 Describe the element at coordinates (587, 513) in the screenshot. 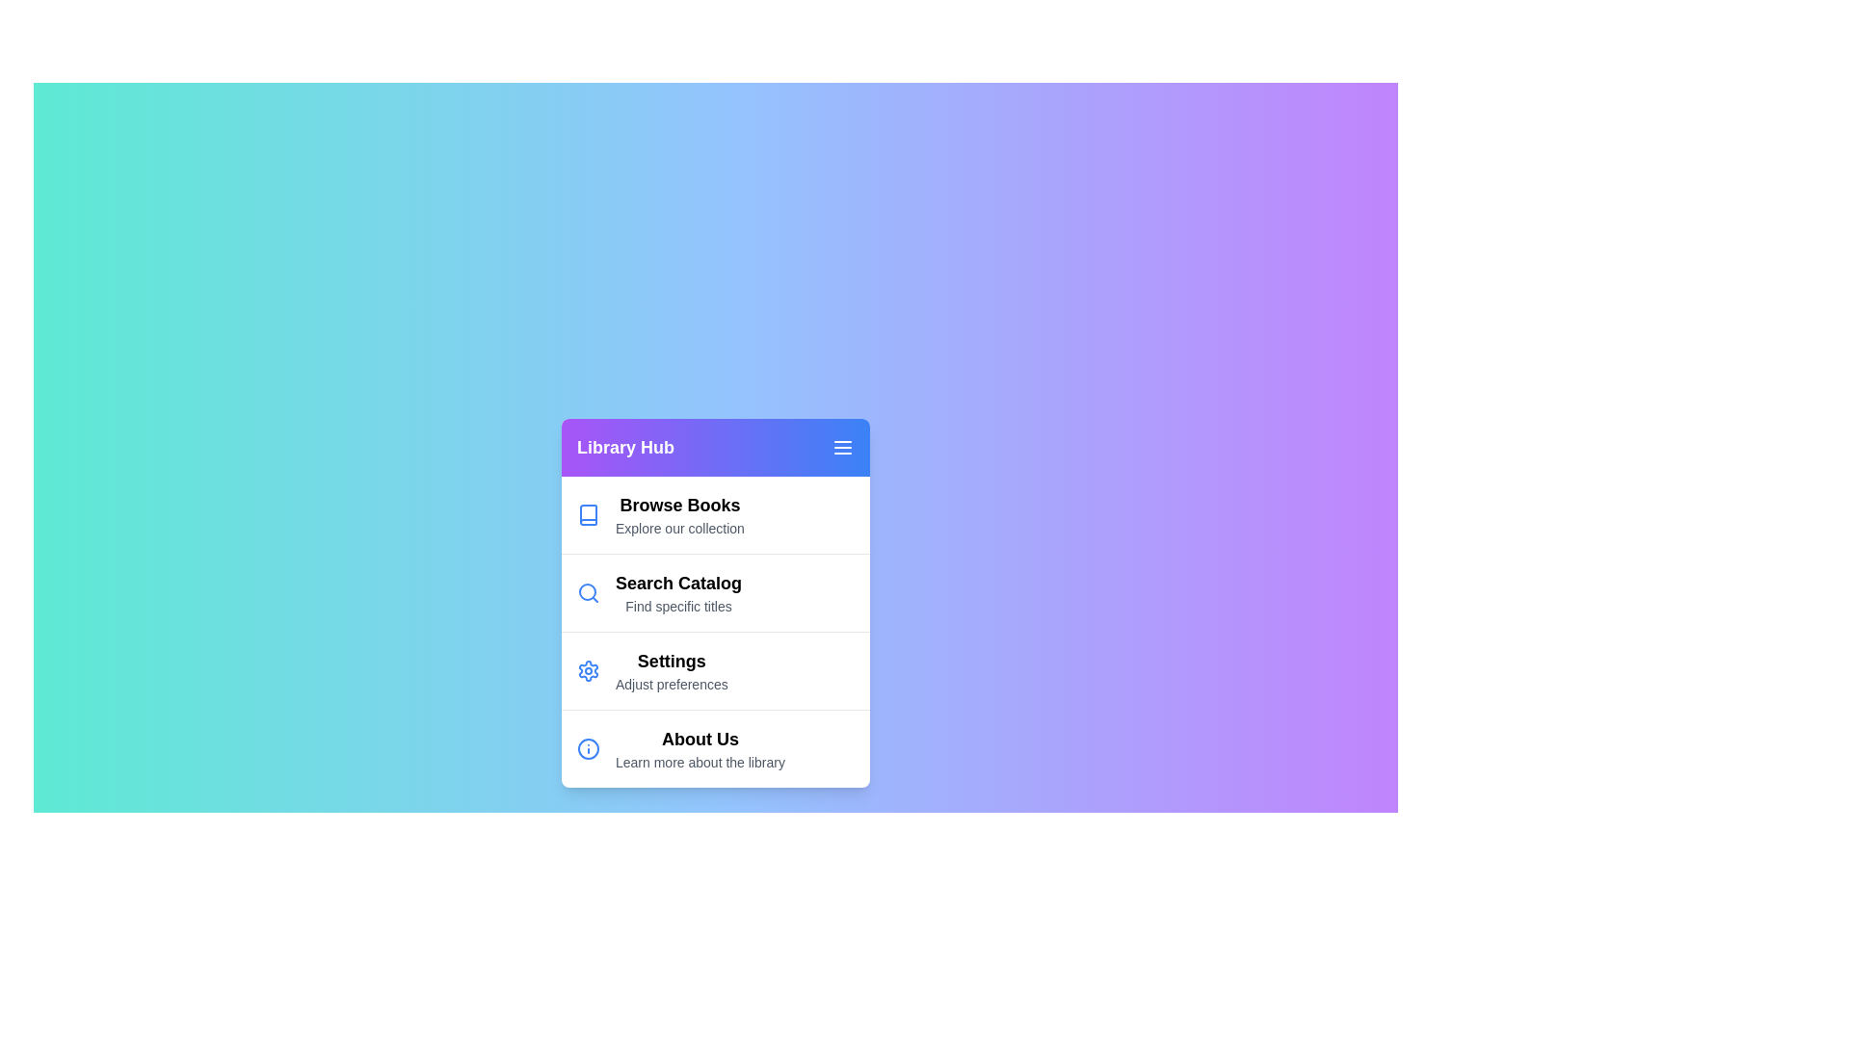

I see `the icon corresponding to the menu item Browse Books` at that location.